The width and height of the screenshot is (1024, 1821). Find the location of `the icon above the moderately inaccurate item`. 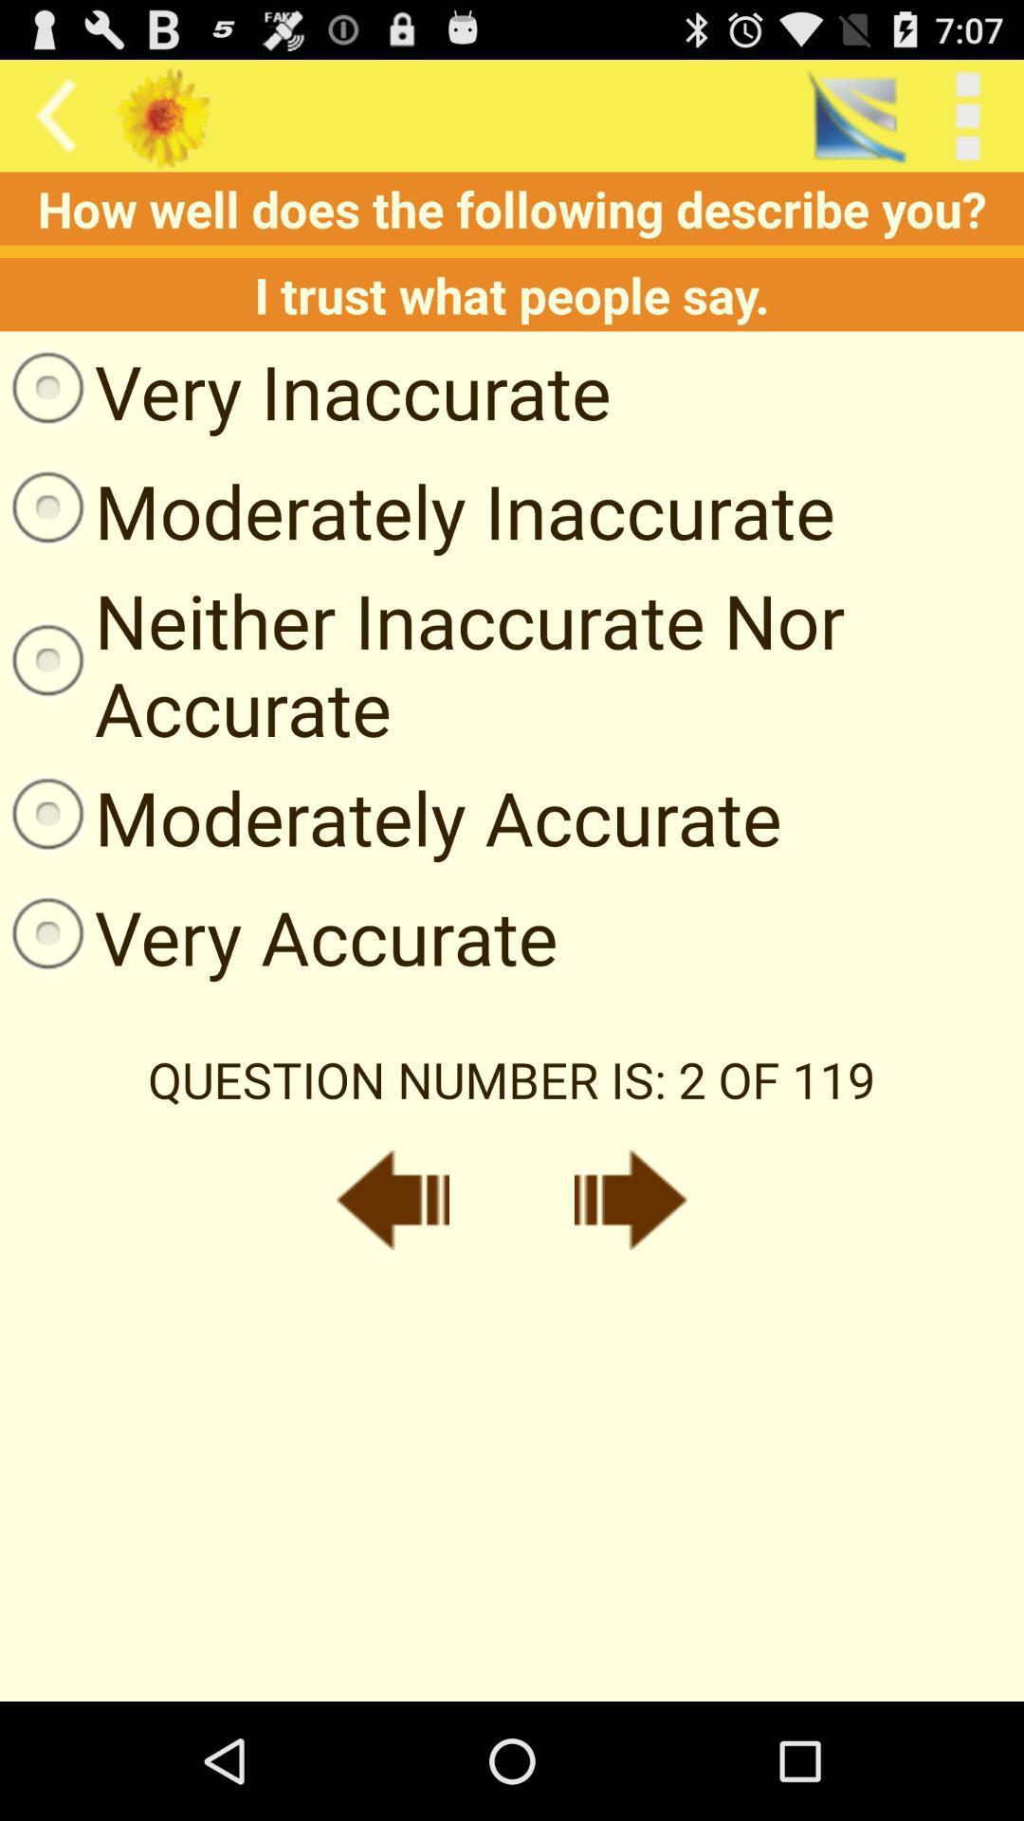

the icon above the moderately inaccurate item is located at coordinates (304, 390).